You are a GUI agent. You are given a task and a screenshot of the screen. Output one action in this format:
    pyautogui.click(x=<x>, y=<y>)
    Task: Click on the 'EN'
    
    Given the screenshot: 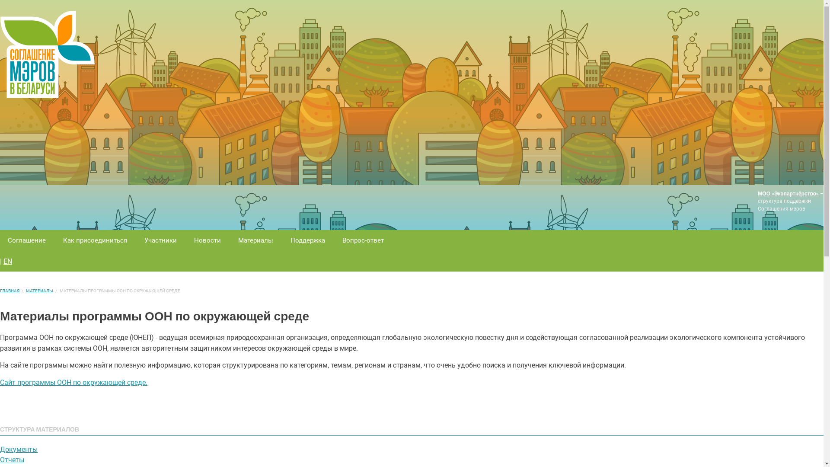 What is the action you would take?
    pyautogui.click(x=8, y=261)
    